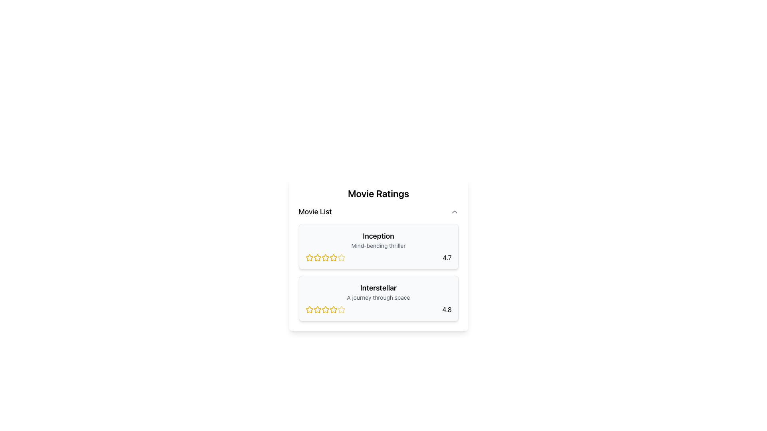  What do you see at coordinates (378, 297) in the screenshot?
I see `text label 'A journey through space' located within the card for the movie 'Interstellar', positioned below the heading 'Interstellar'` at bounding box center [378, 297].